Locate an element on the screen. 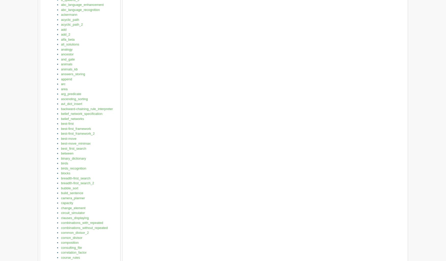  'abc_language_recognition' is located at coordinates (80, 9).